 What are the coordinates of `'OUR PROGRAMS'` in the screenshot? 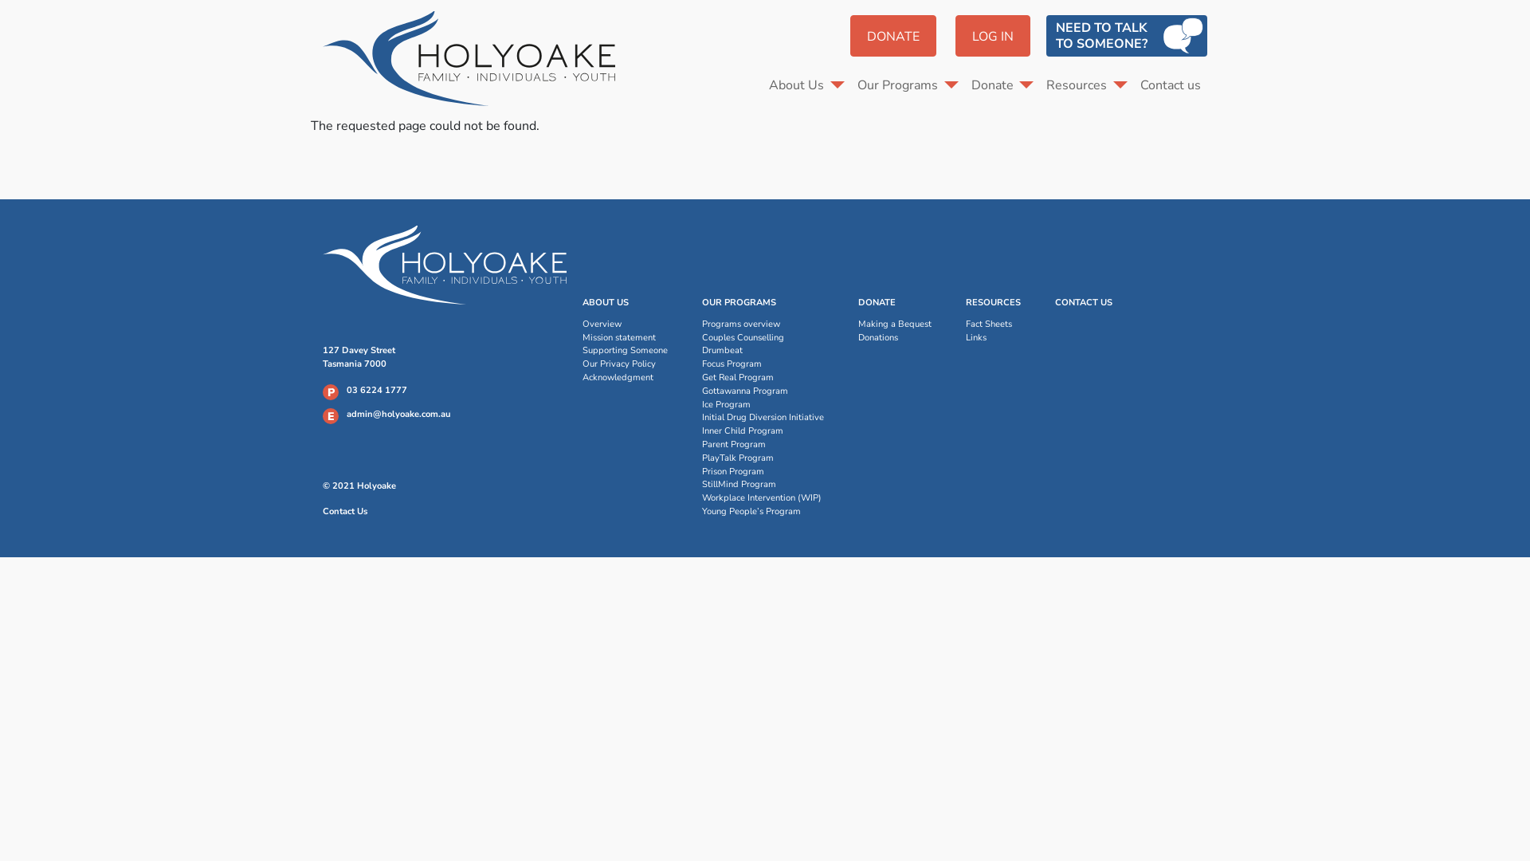 It's located at (738, 303).